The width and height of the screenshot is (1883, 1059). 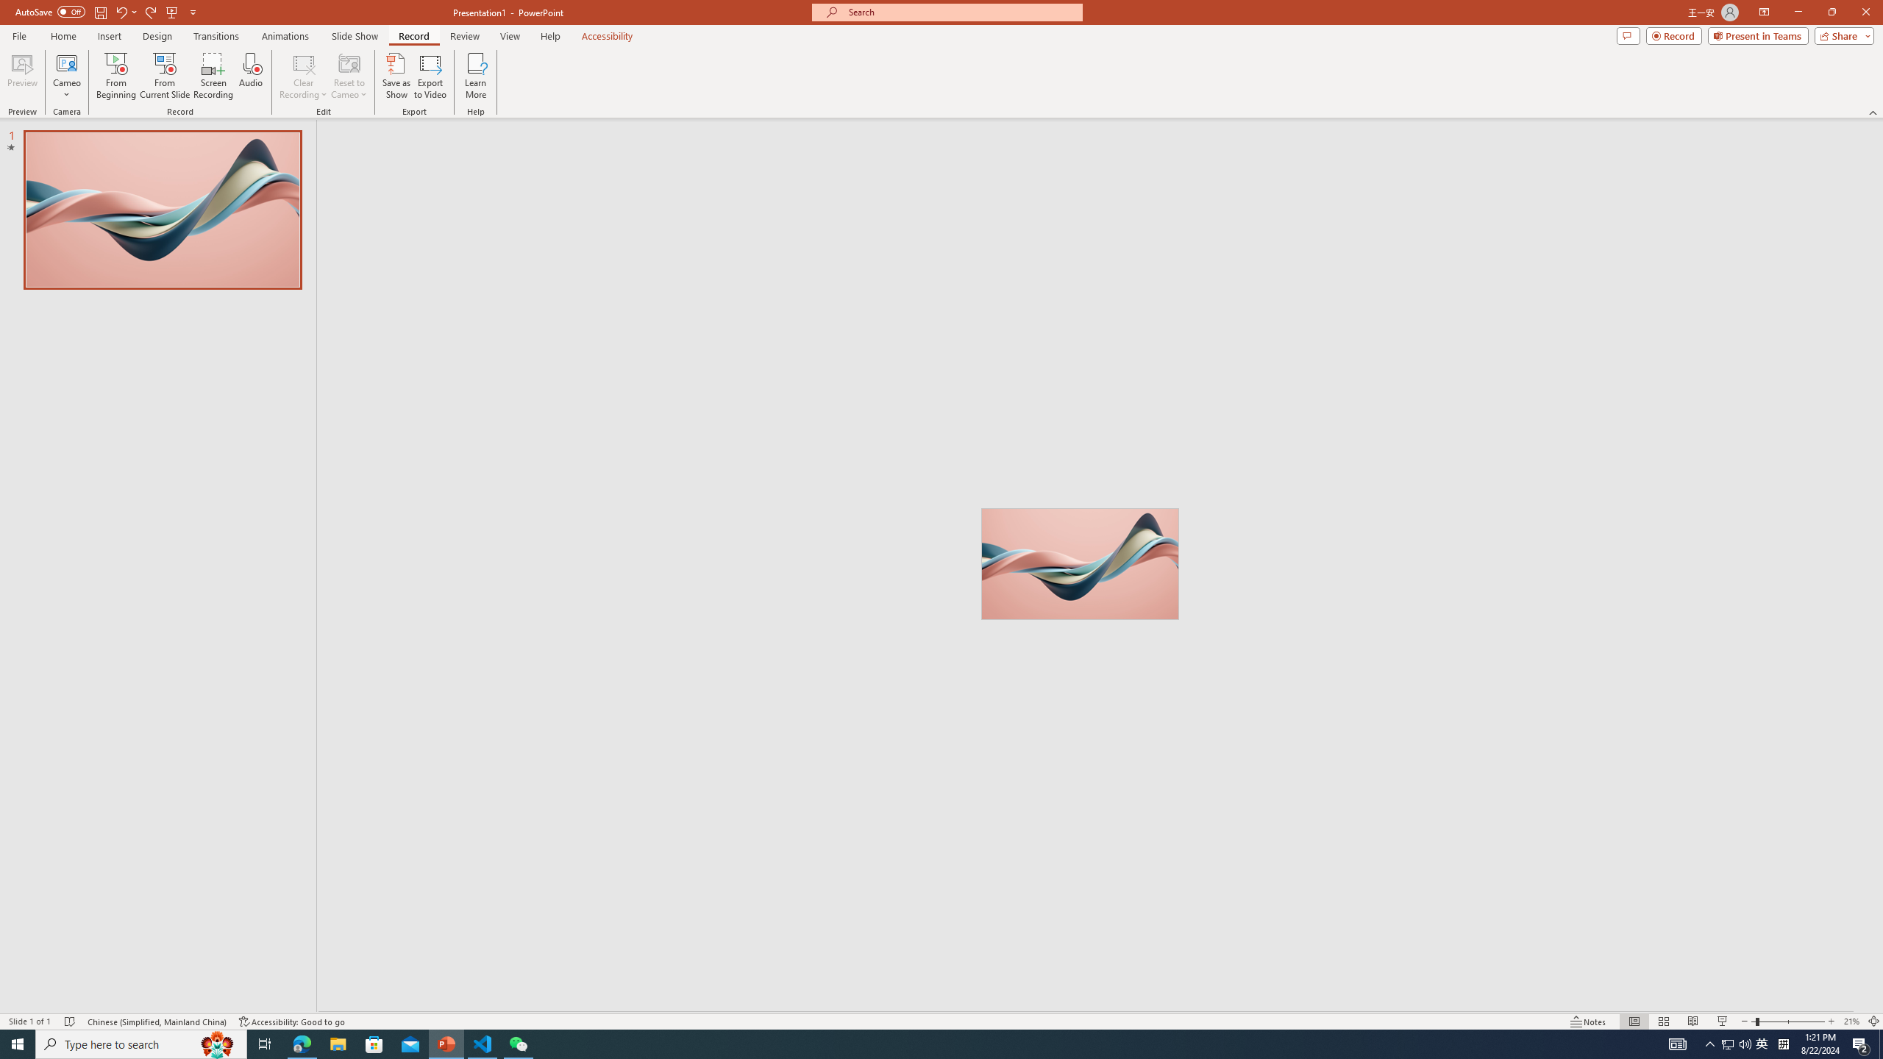 What do you see at coordinates (65, 76) in the screenshot?
I see `'Cameo'` at bounding box center [65, 76].